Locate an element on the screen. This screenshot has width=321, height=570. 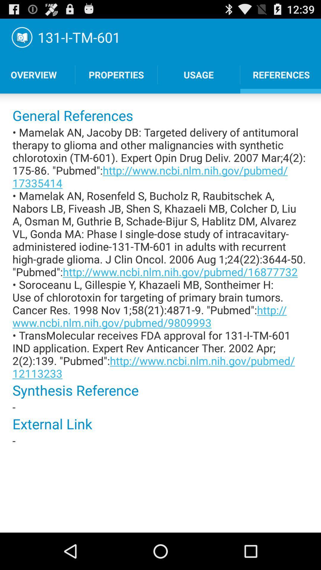
- icon is located at coordinates (160, 407).